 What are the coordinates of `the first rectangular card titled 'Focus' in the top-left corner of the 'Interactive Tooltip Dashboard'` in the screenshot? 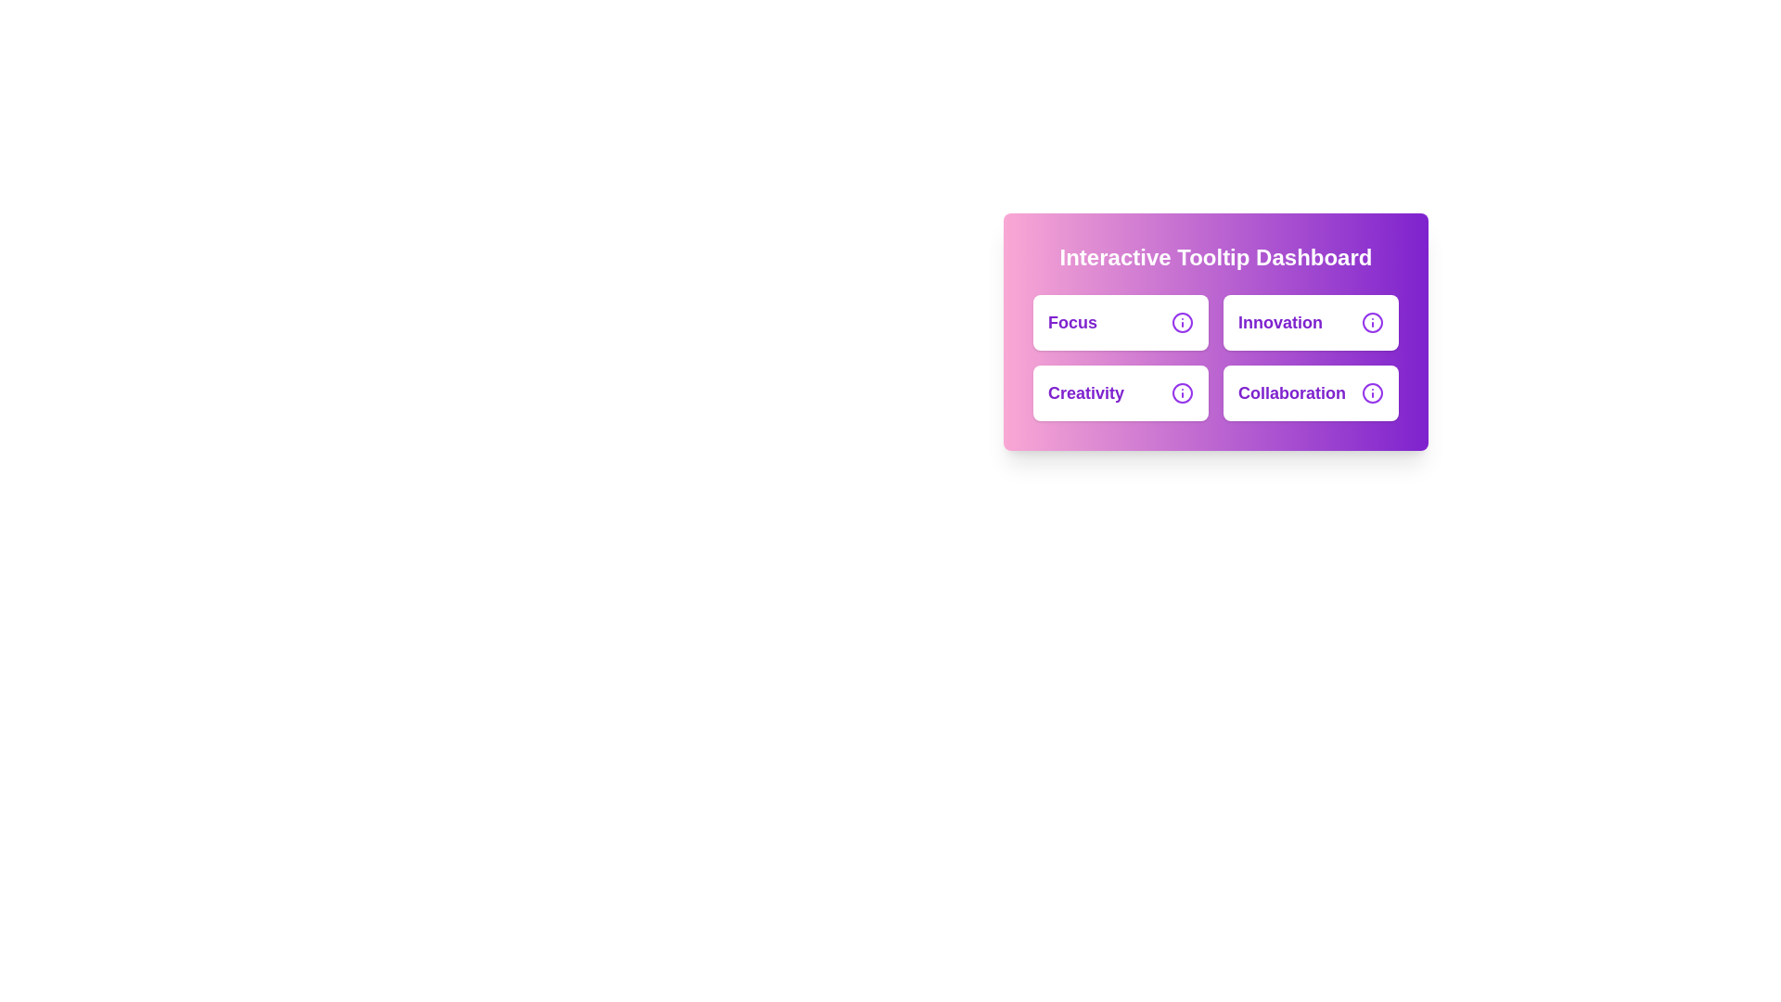 It's located at (1120, 321).